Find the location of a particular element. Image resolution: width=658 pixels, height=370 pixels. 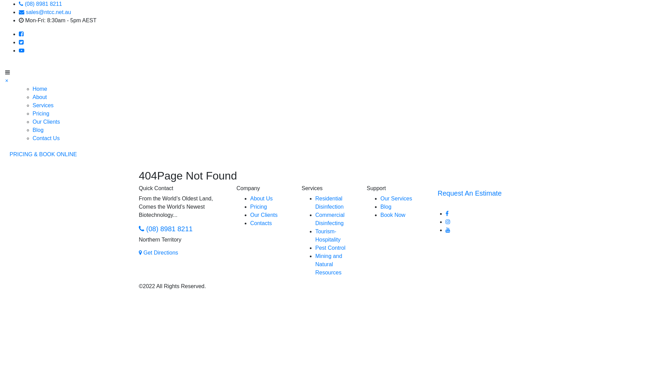

'Contacts' is located at coordinates (260, 223).